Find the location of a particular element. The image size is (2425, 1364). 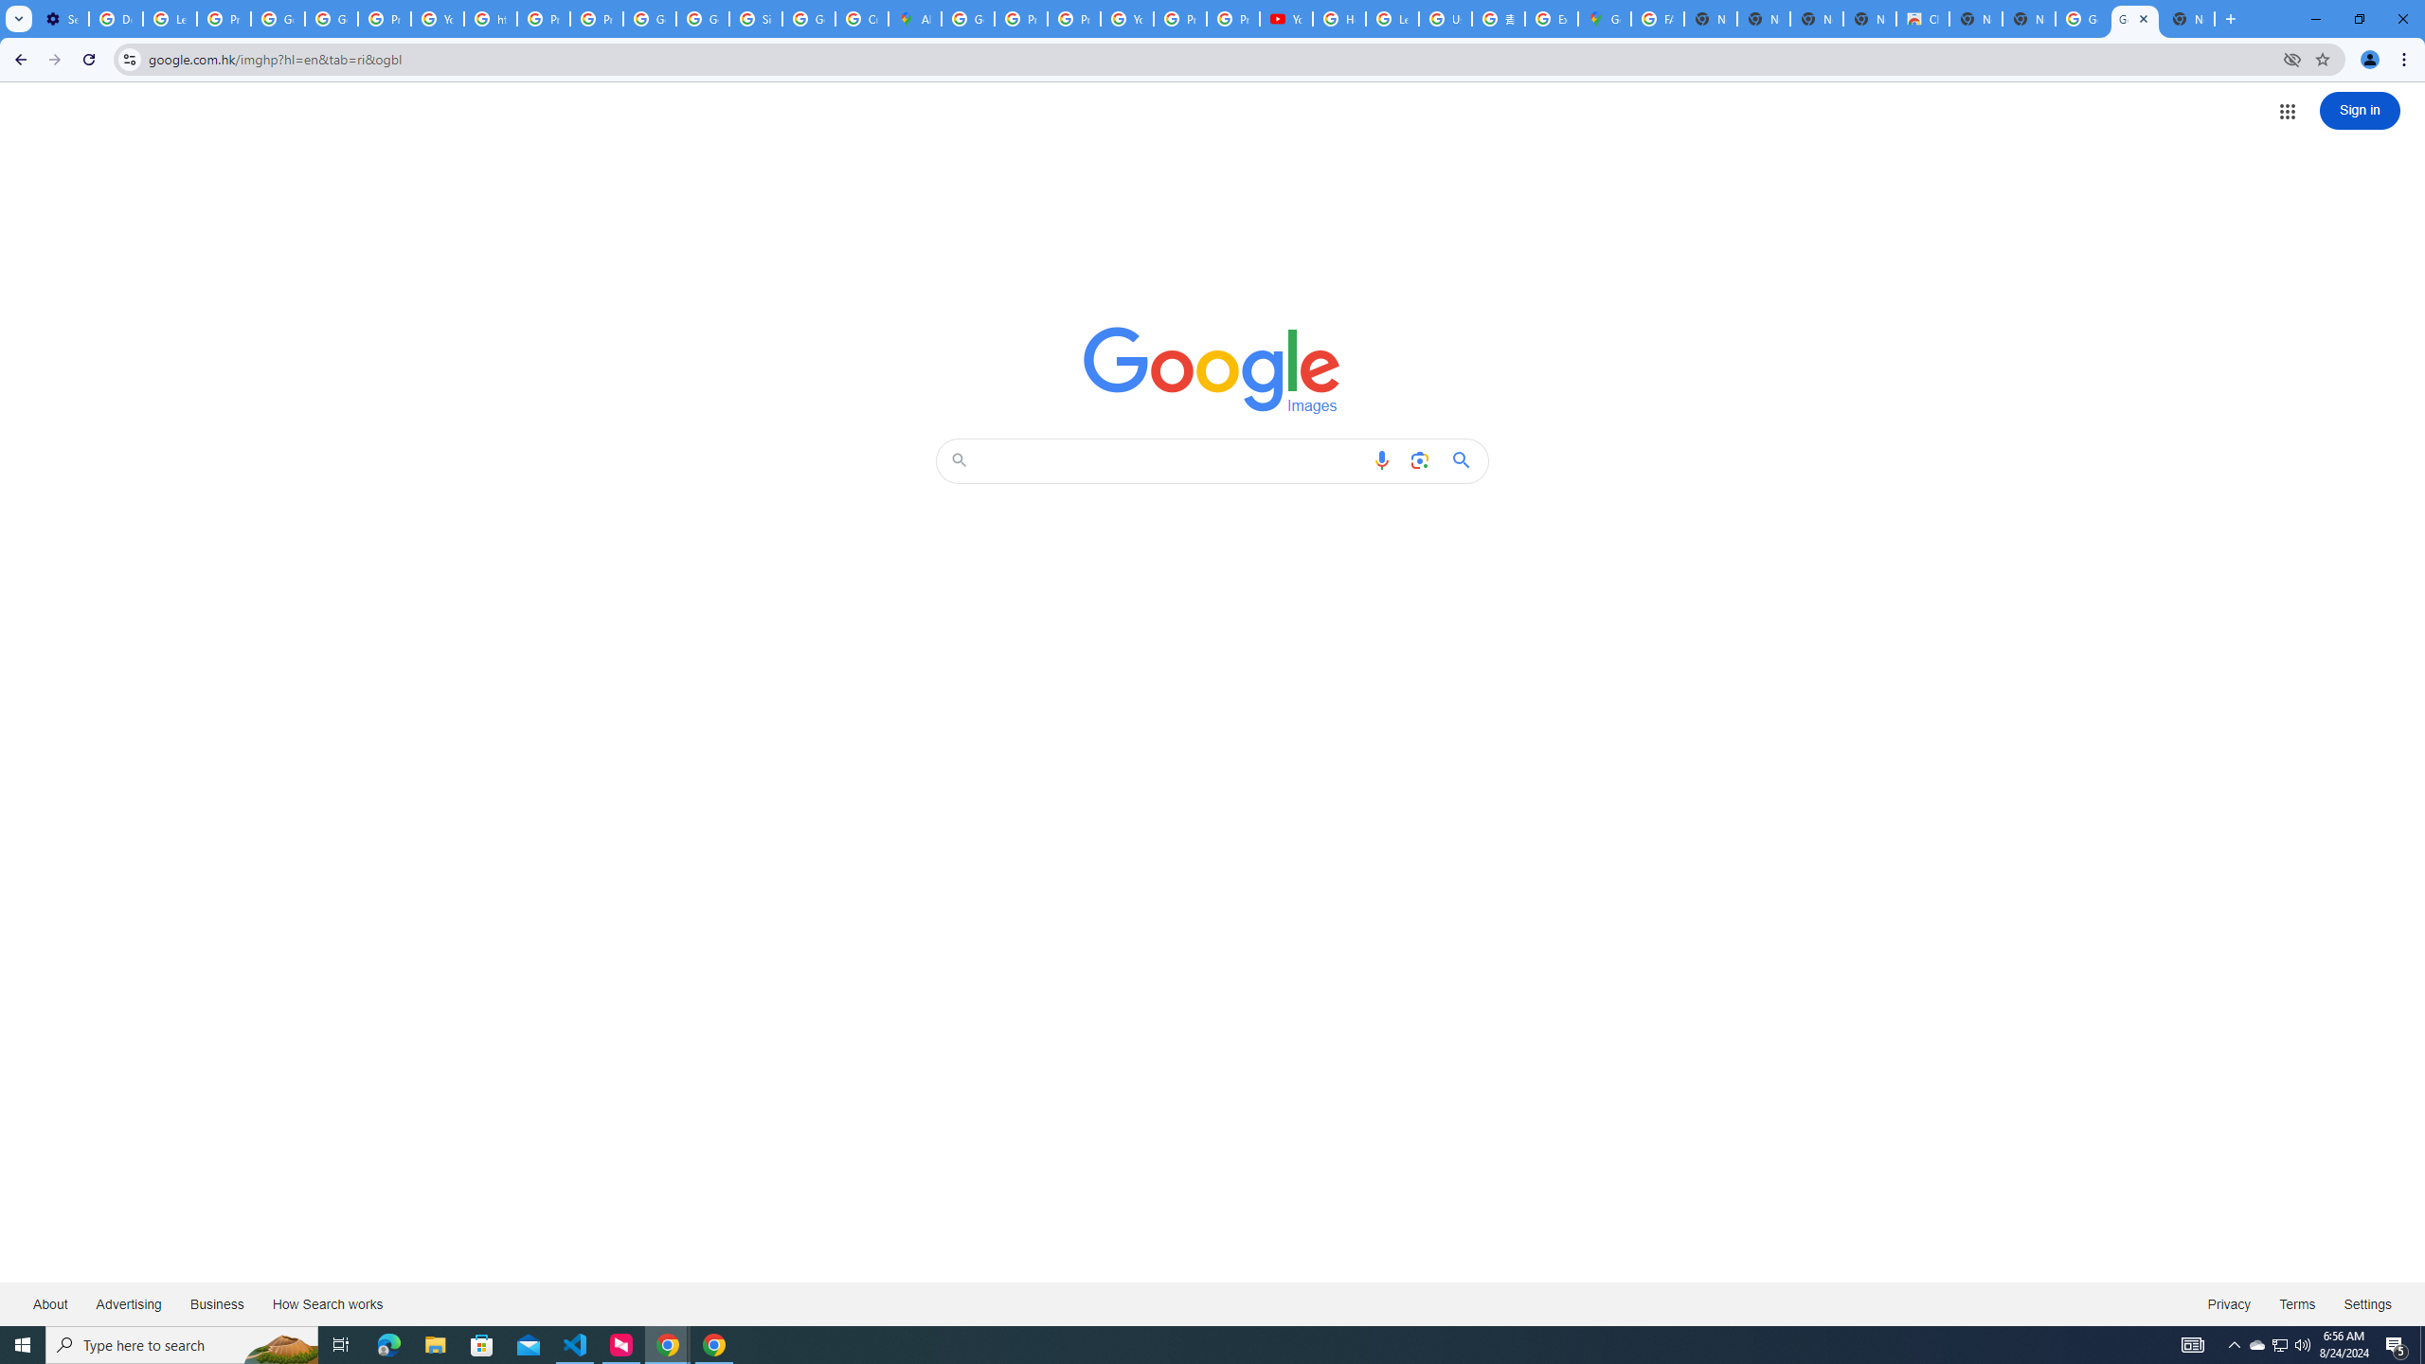

'Google Maps' is located at coordinates (1603, 18).